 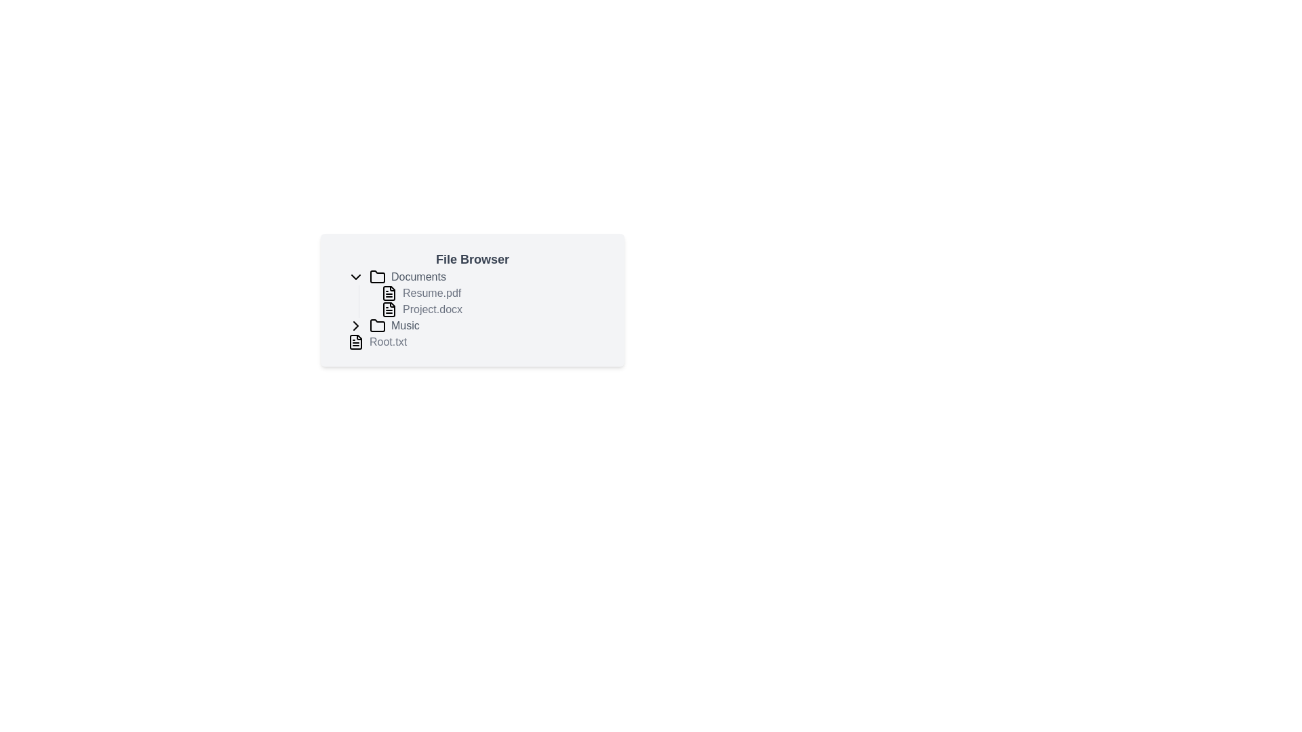 I want to click on the file item named 'Root.txt' located at the bottom of the list in the 'Music' folder of the 'File Browser' interface, so click(x=472, y=342).